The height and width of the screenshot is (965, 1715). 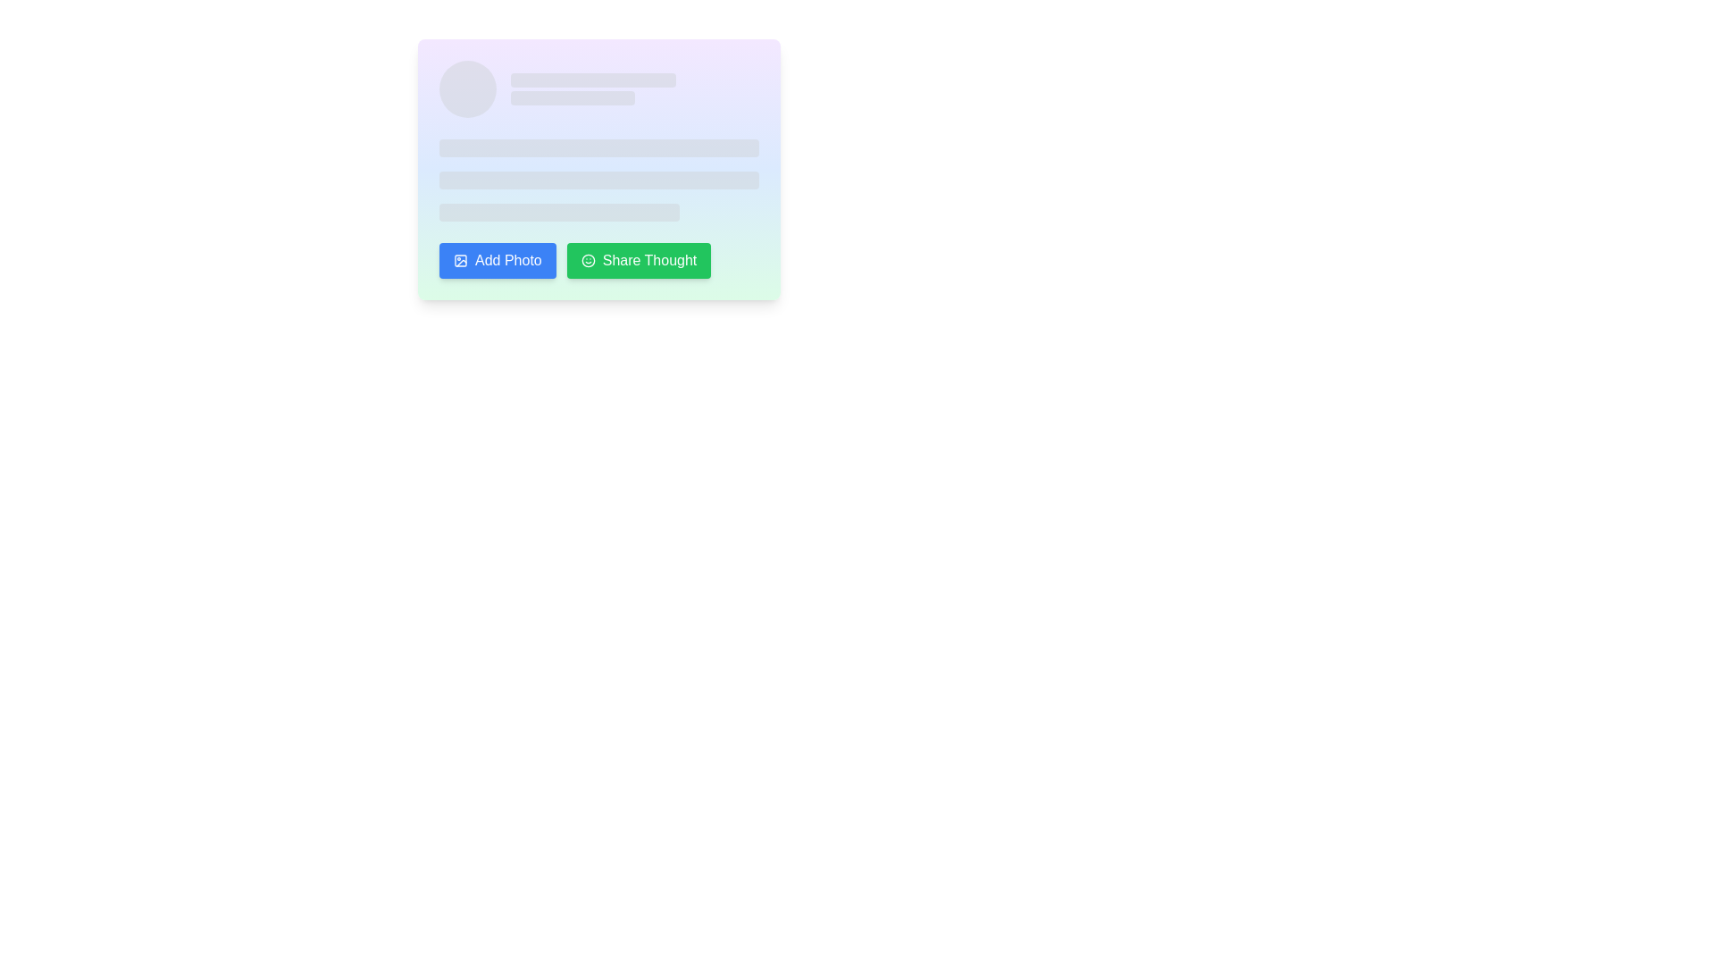 I want to click on the decorative rectangle element within the 'Add Photo' button's SVG, which enhances the button's visual appeal, so click(x=460, y=261).